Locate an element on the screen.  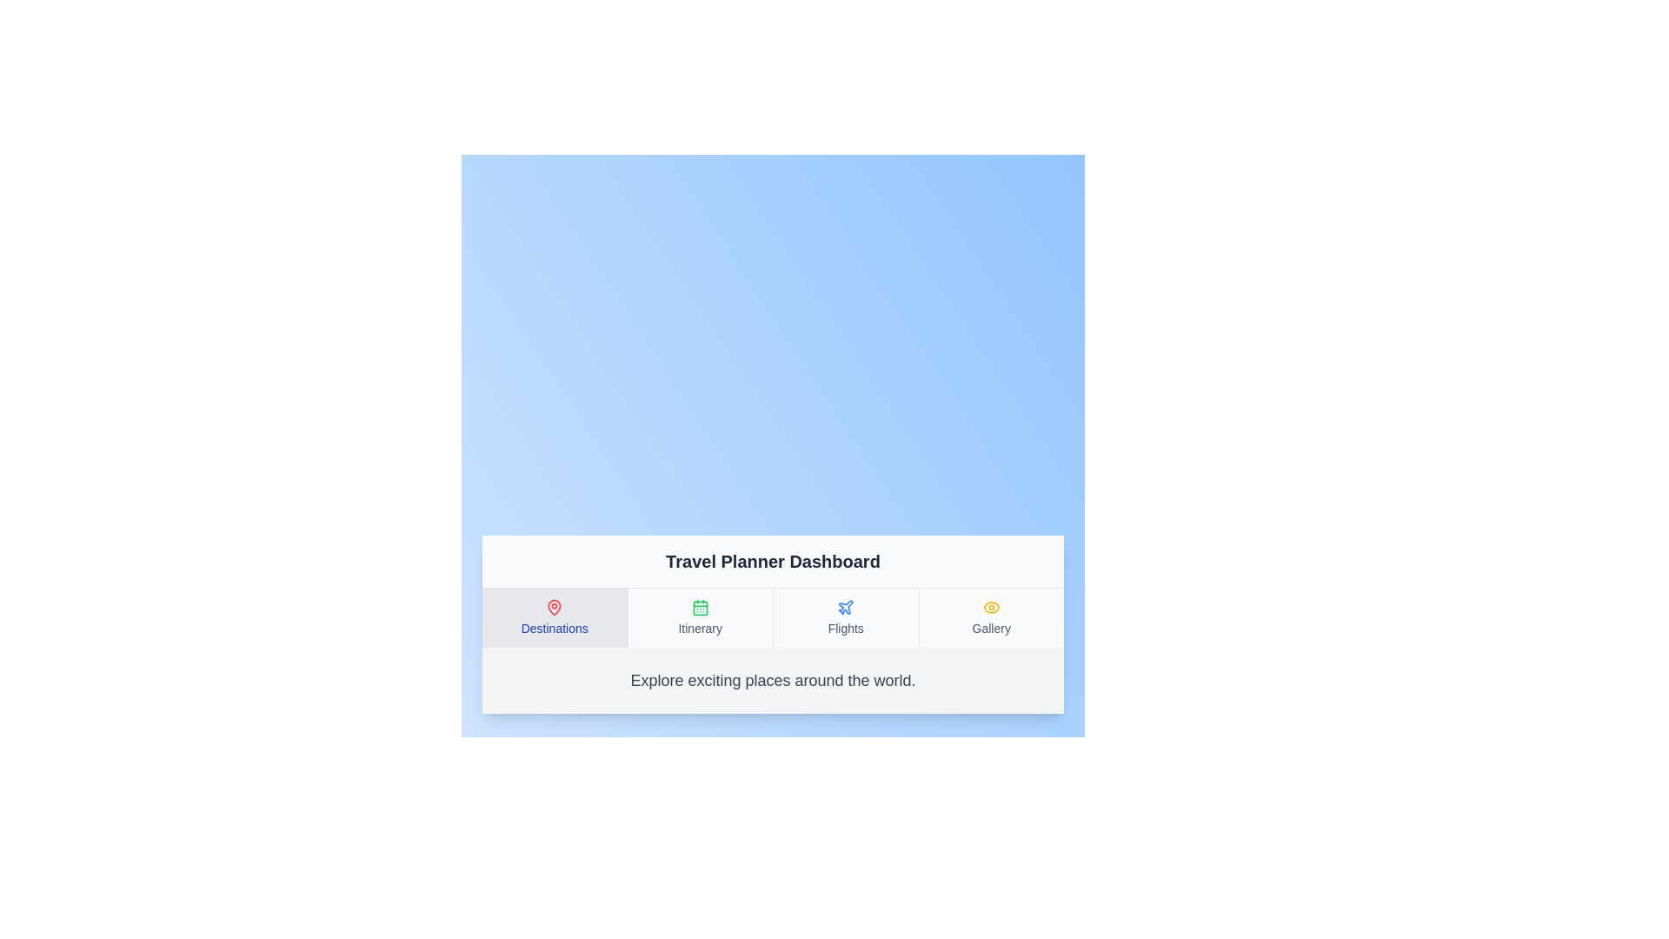
the Text label located below the eye icon in the rightmost column of the Travel Planner Dashboard is located at coordinates (991, 628).